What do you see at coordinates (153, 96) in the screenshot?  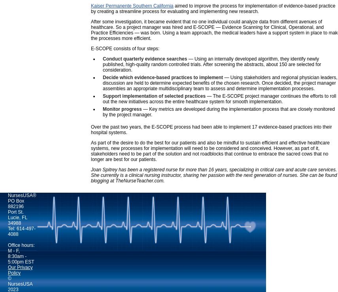 I see `'Support implementation of selected practices'` at bounding box center [153, 96].